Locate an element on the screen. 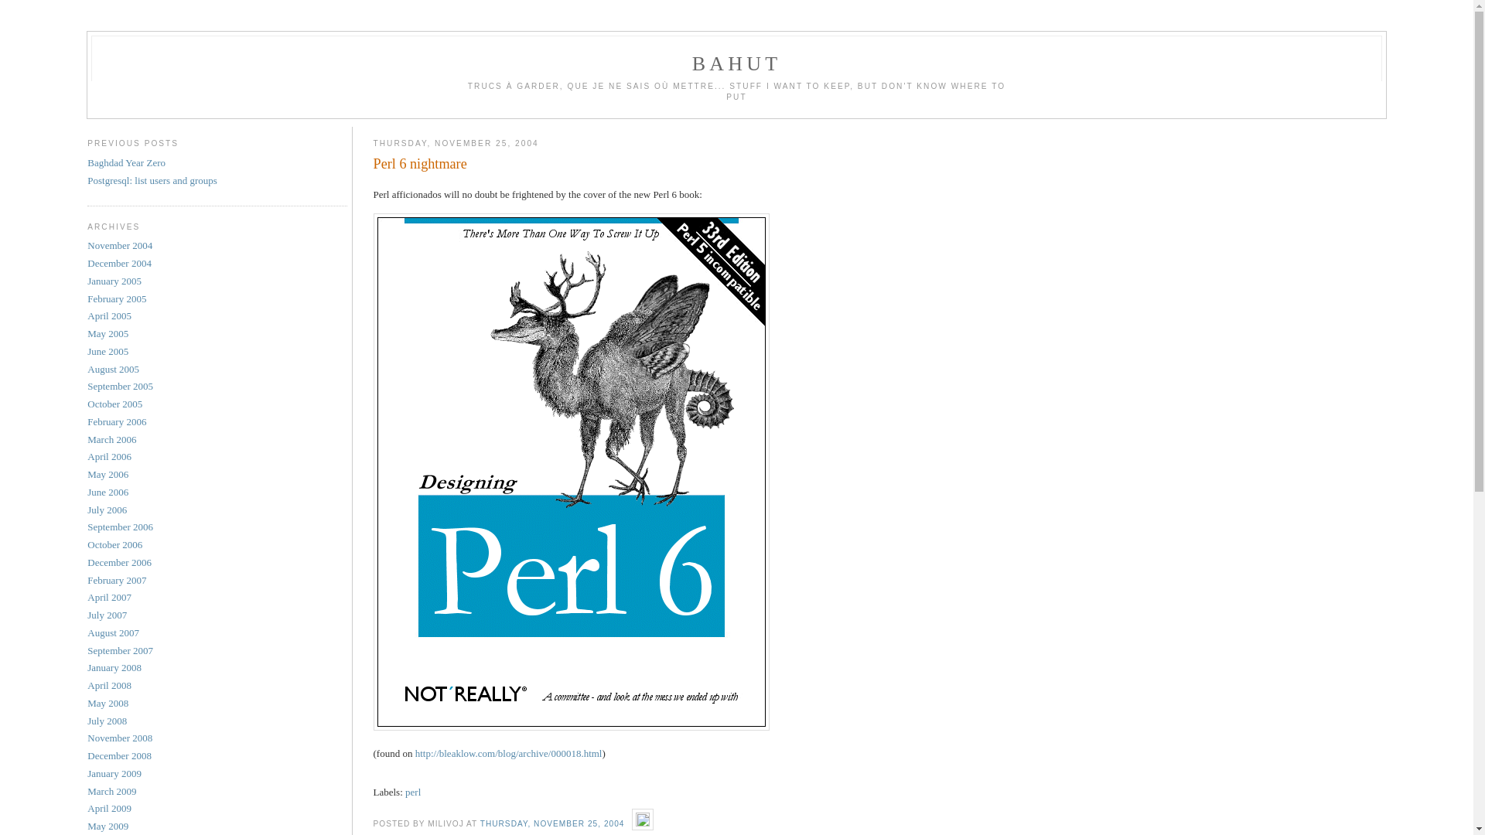 This screenshot has height=835, width=1485. 'November 2004' is located at coordinates (118, 244).